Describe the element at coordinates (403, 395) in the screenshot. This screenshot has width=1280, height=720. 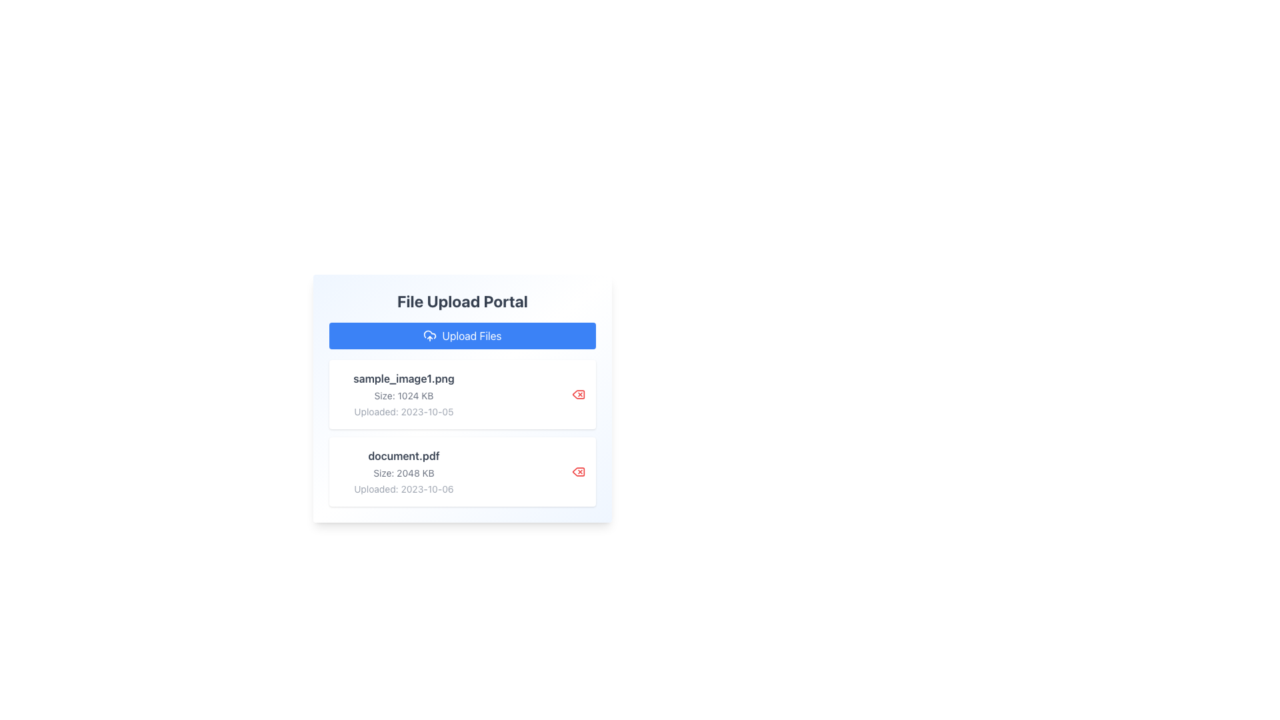
I see `text from the Text Label displaying the file size information, which is formatted as 'Size: 1024 KB' and is located below the file name 'sample_image1.png'` at that location.